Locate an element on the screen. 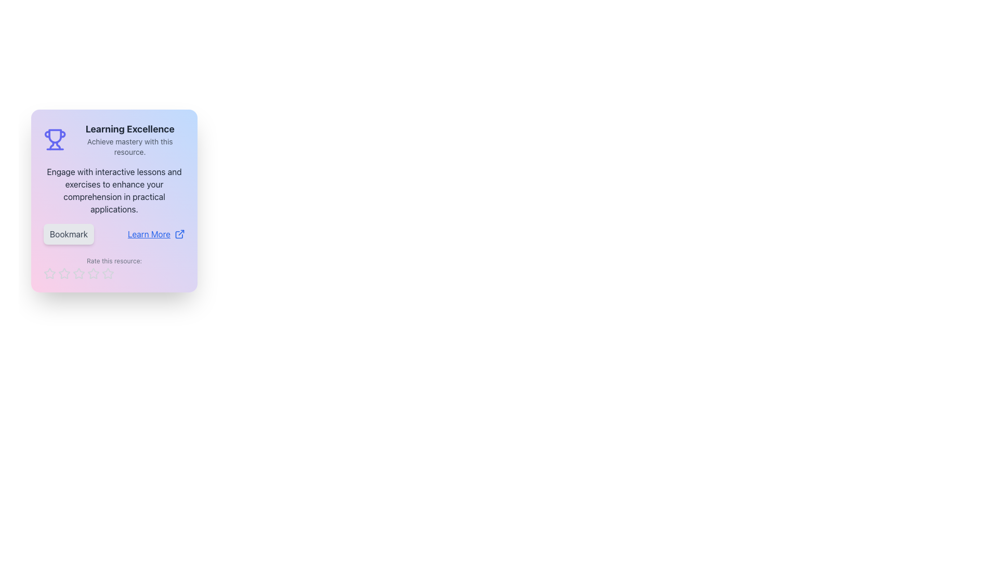 Image resolution: width=998 pixels, height=561 pixels. text label that provides instructions for the star rating feature, located at the bottom of a card-like structure, directly above the rating stars is located at coordinates (114, 268).